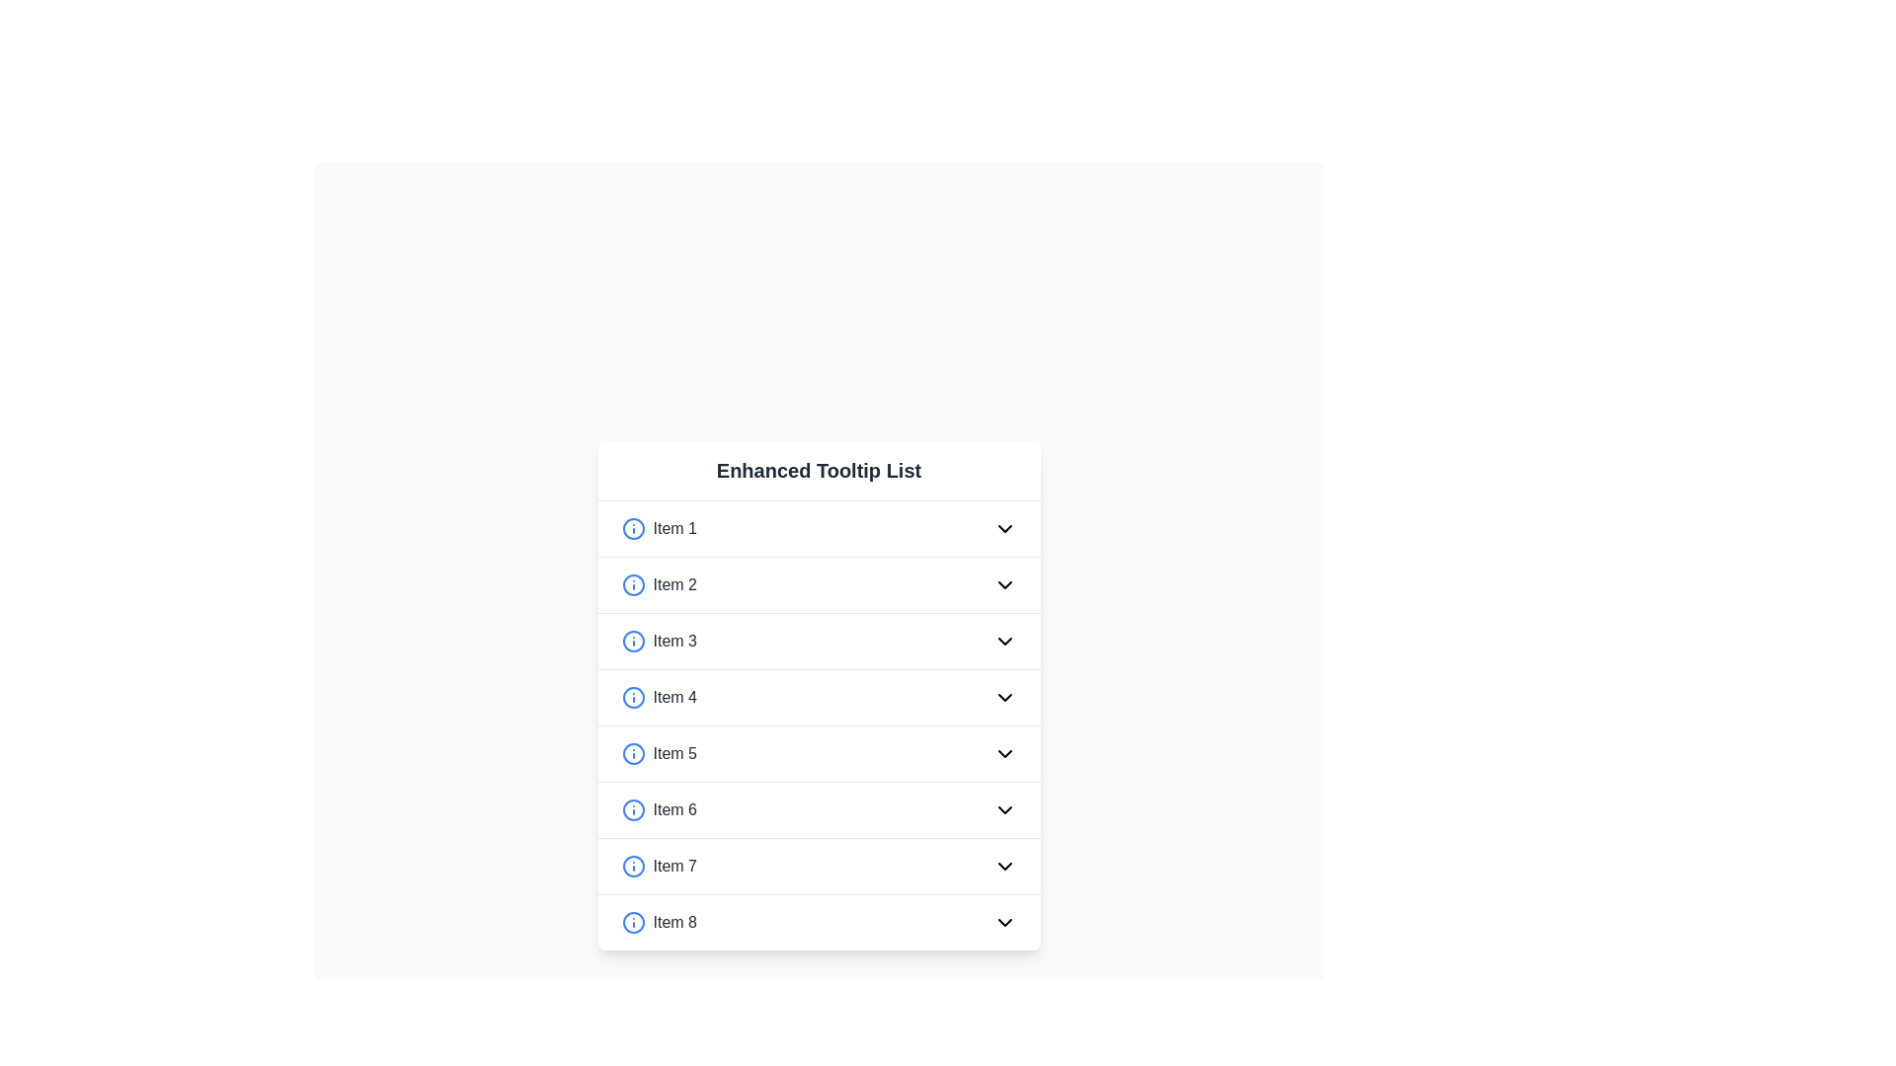 The width and height of the screenshot is (1896, 1066). Describe the element at coordinates (819, 809) in the screenshot. I see `the 'Item 6' in the Enhanced Tooltip List` at that location.